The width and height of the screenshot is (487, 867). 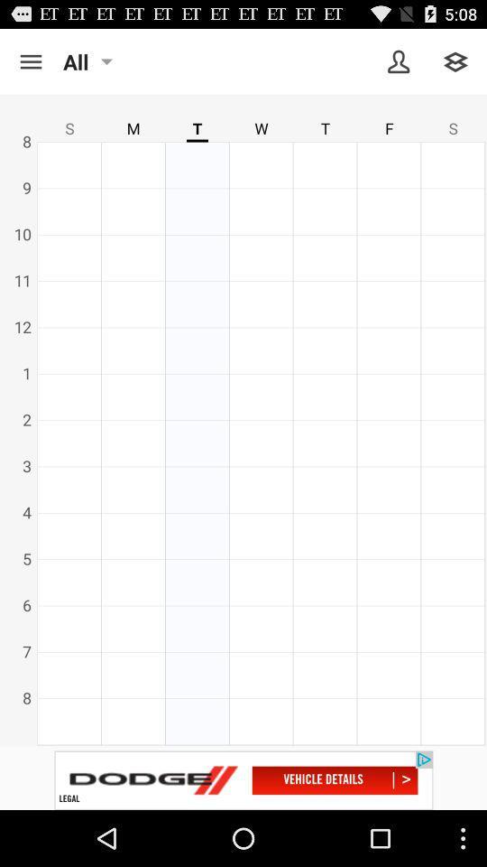 I want to click on visit advertiser website, so click(x=243, y=779).